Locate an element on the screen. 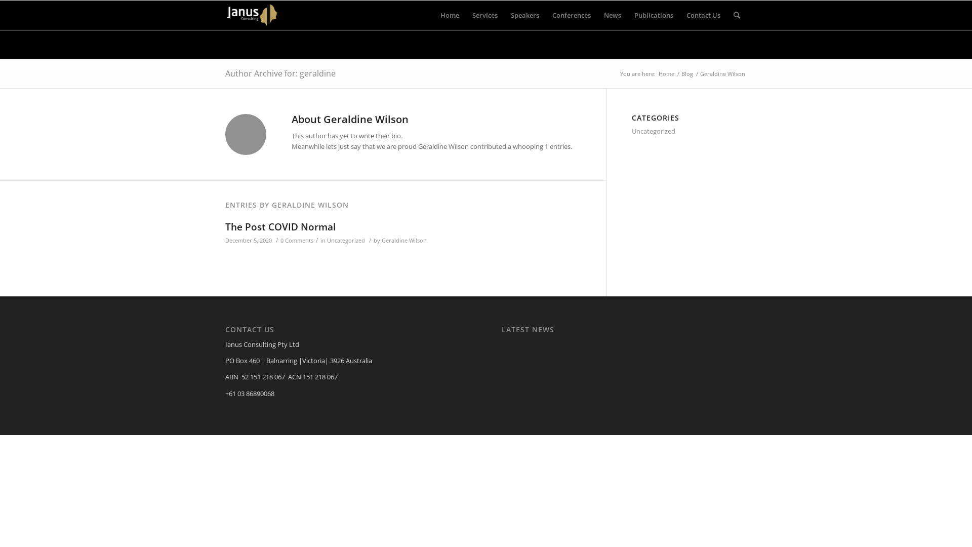  'The Post COVID Normal' is located at coordinates (225, 226).